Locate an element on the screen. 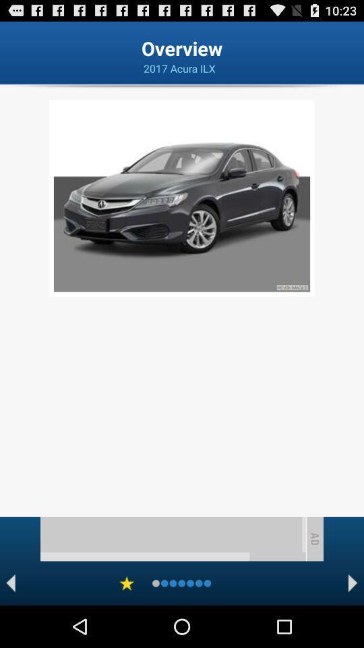 This screenshot has width=364, height=648. the play icon is located at coordinates (353, 624).